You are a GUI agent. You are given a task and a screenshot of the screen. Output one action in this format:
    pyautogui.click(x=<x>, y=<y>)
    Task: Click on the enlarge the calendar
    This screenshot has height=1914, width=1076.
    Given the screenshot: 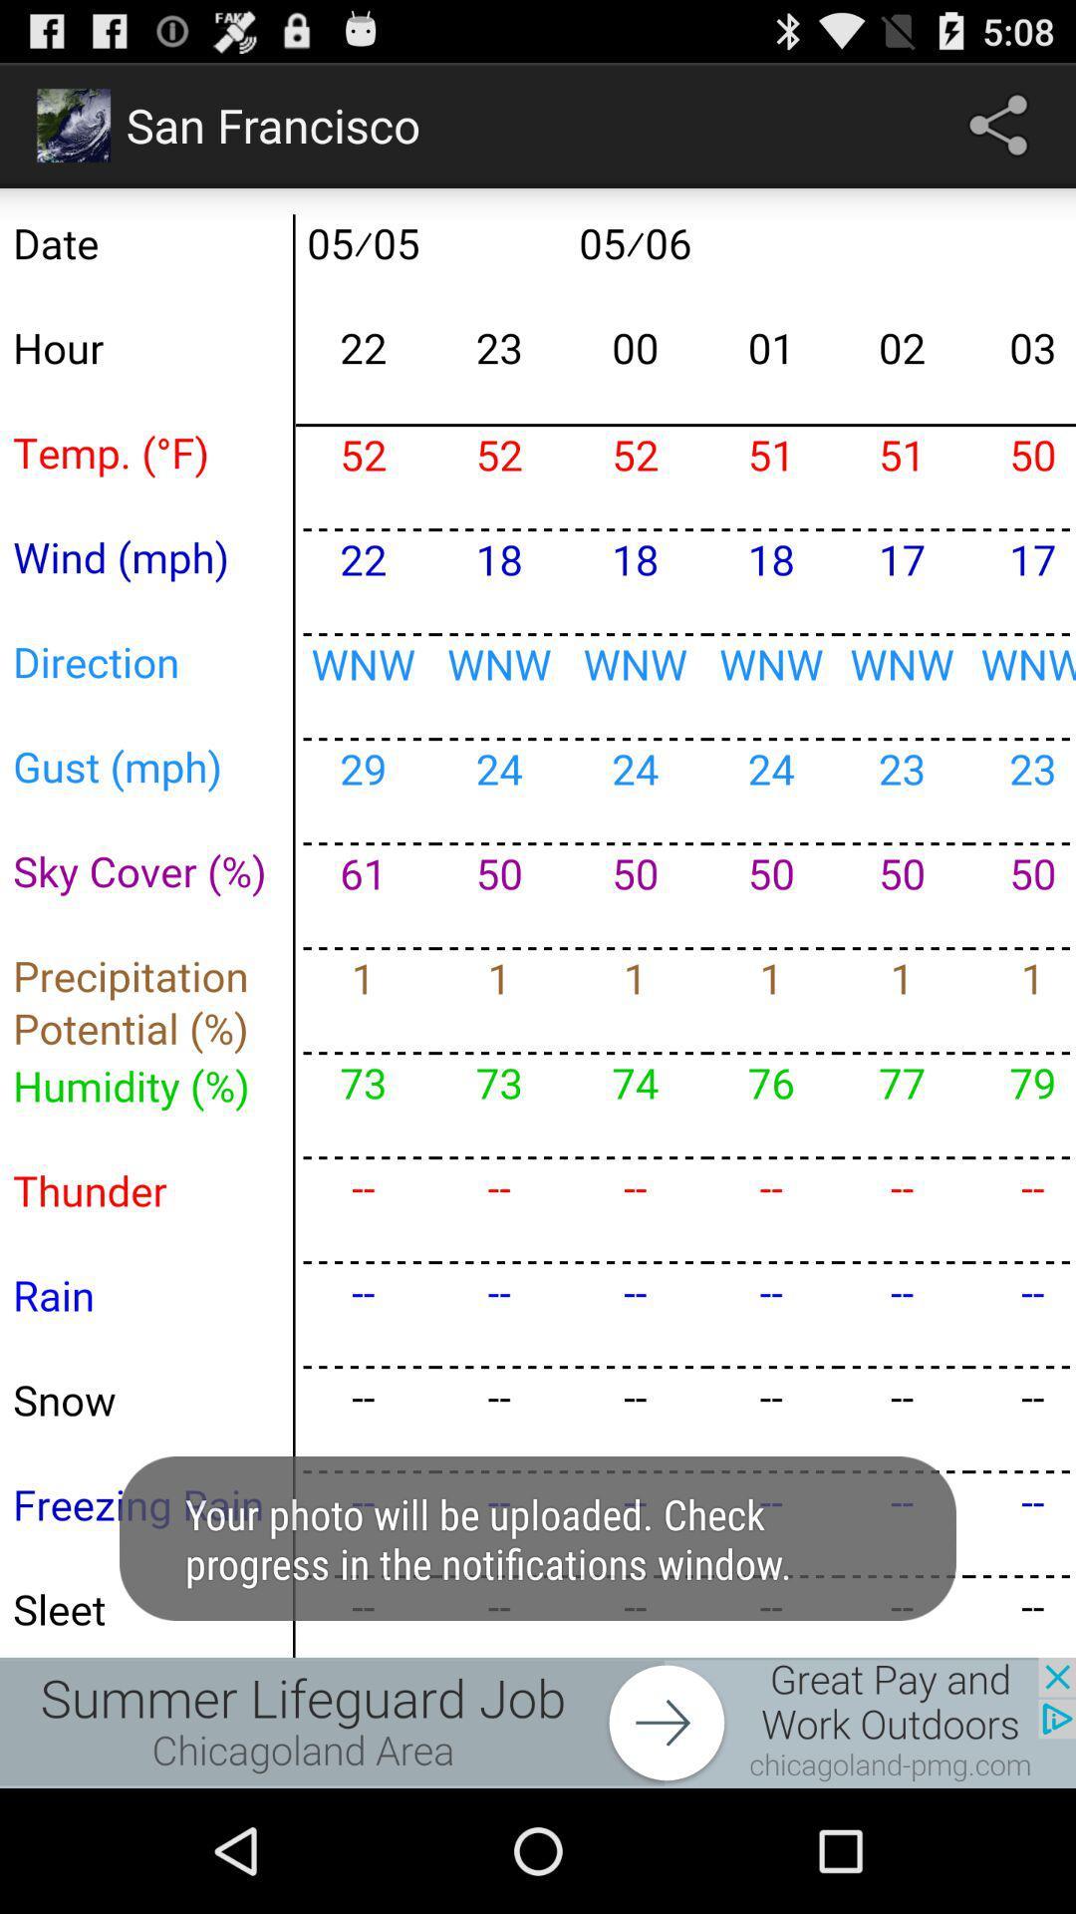 What is the action you would take?
    pyautogui.click(x=538, y=921)
    